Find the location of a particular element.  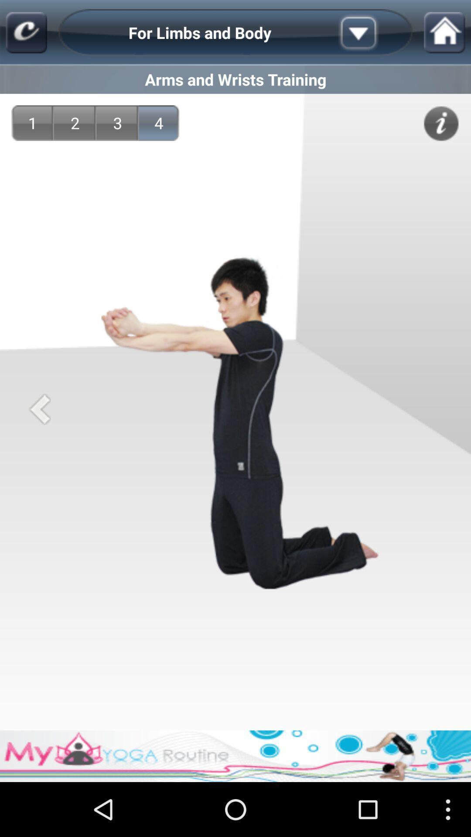

the app next to the for limbs and icon is located at coordinates (26, 33).